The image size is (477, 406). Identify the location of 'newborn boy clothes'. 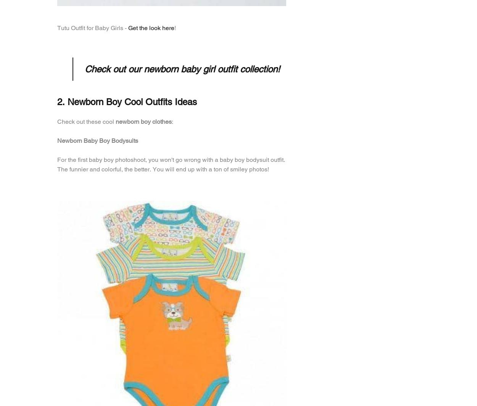
(143, 121).